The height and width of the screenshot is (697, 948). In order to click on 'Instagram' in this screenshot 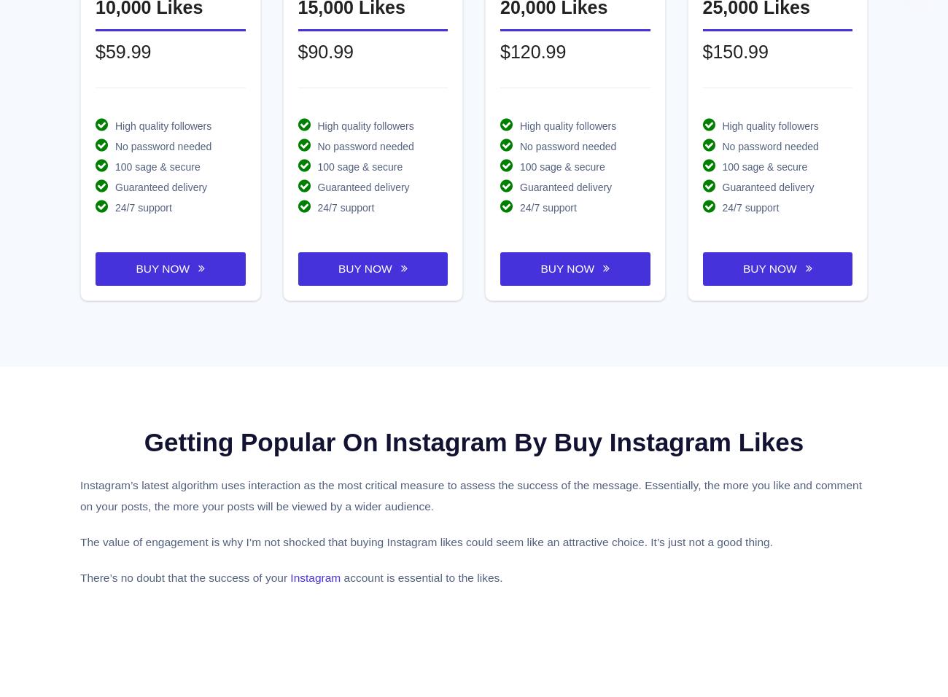, I will do `click(315, 576)`.